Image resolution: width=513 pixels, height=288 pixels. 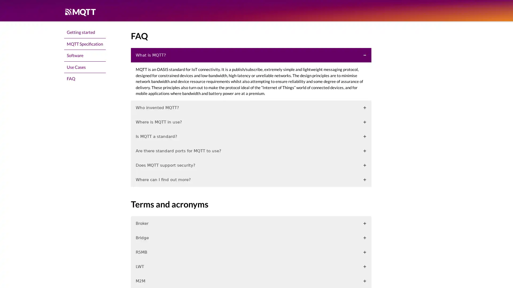 I want to click on Does MQTT support security? +, so click(x=251, y=165).